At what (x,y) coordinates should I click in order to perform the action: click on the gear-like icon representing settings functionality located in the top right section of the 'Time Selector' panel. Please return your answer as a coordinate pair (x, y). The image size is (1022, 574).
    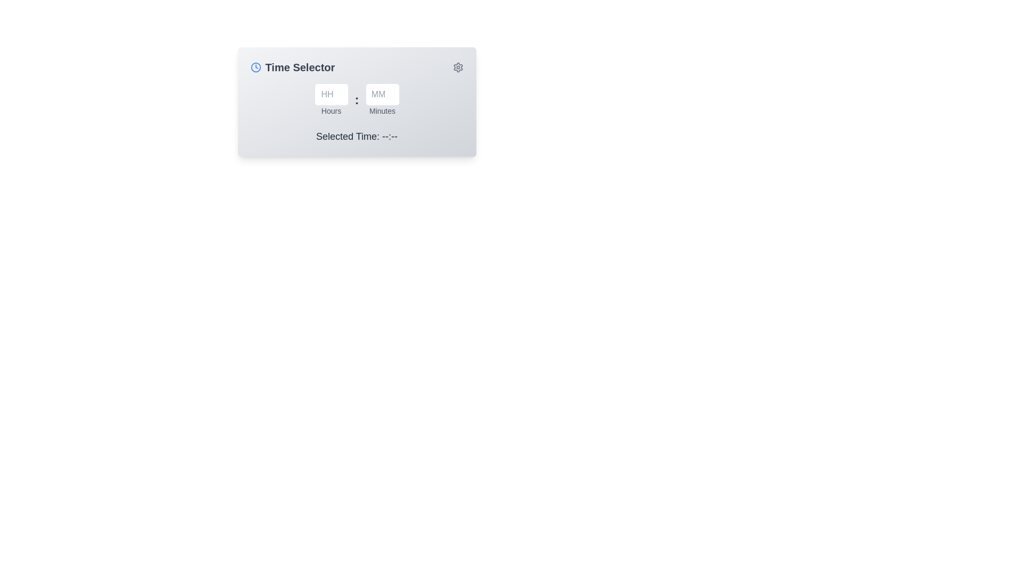
    Looking at the image, I should click on (458, 67).